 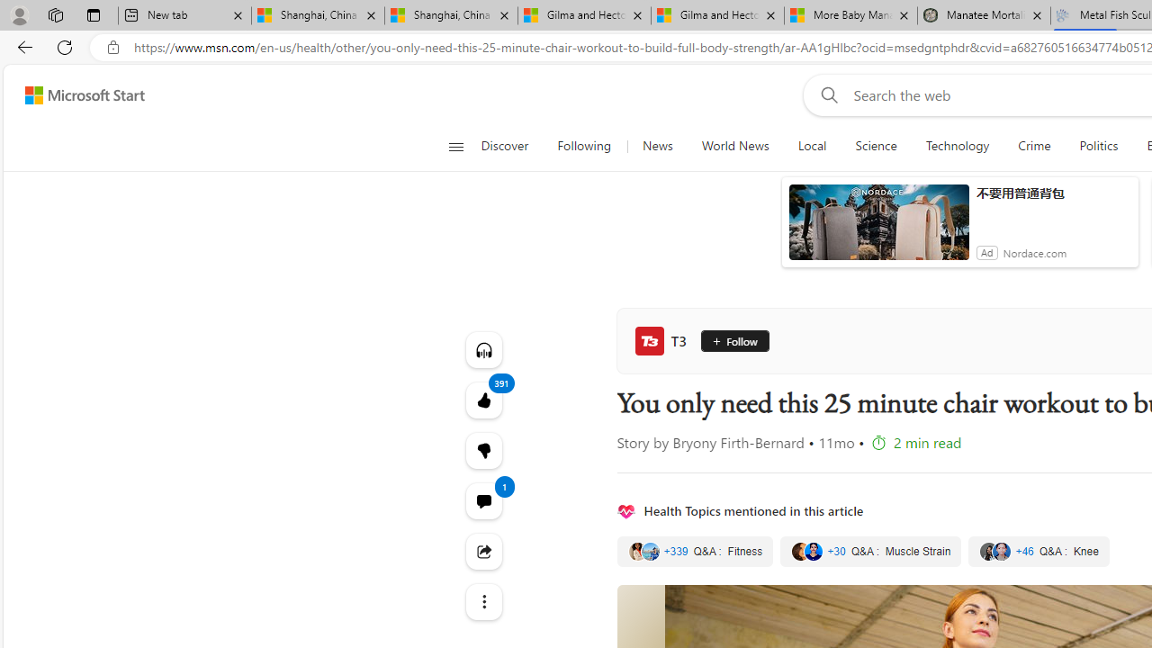 What do you see at coordinates (483, 349) in the screenshot?
I see `'Listen to this article'` at bounding box center [483, 349].